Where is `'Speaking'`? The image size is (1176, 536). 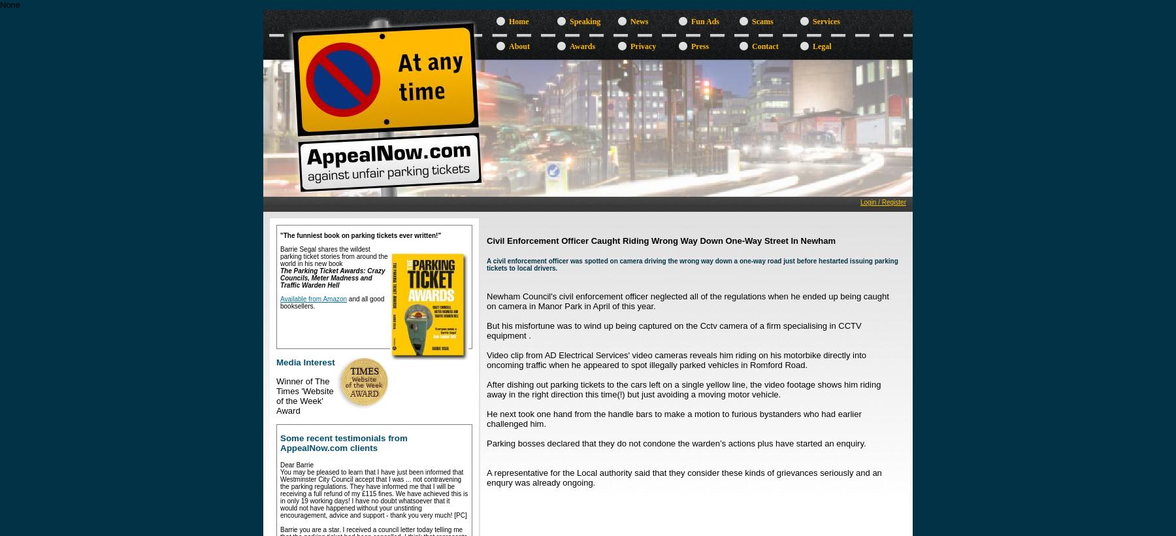 'Speaking' is located at coordinates (585, 20).